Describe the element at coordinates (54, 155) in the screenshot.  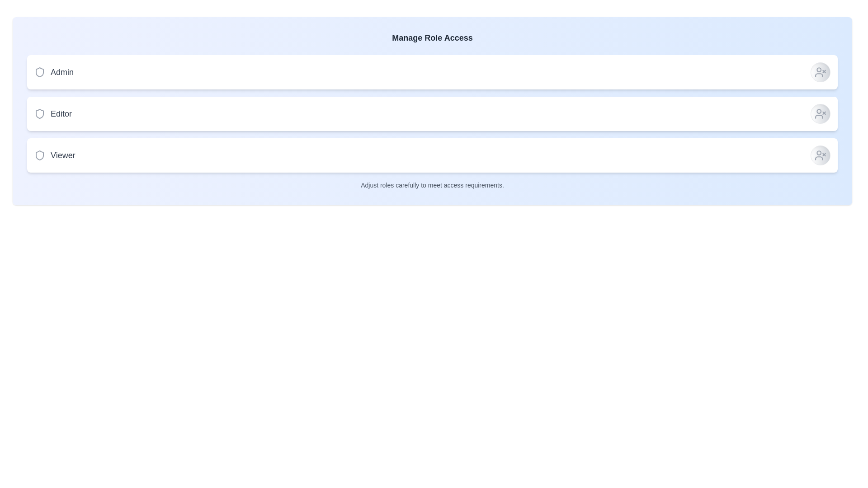
I see `the shield icon in the 'Viewer' role display` at that location.